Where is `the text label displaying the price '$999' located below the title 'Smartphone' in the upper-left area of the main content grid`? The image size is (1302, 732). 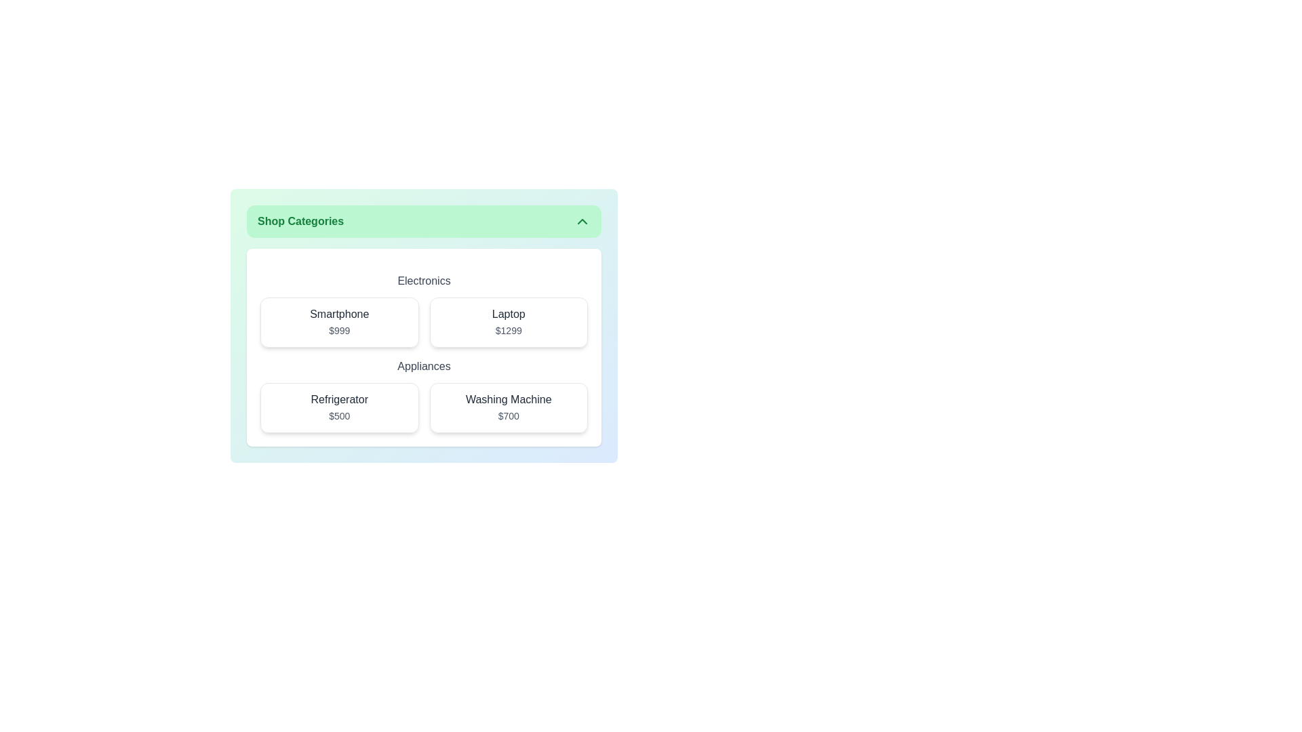 the text label displaying the price '$999' located below the title 'Smartphone' in the upper-left area of the main content grid is located at coordinates (339, 331).